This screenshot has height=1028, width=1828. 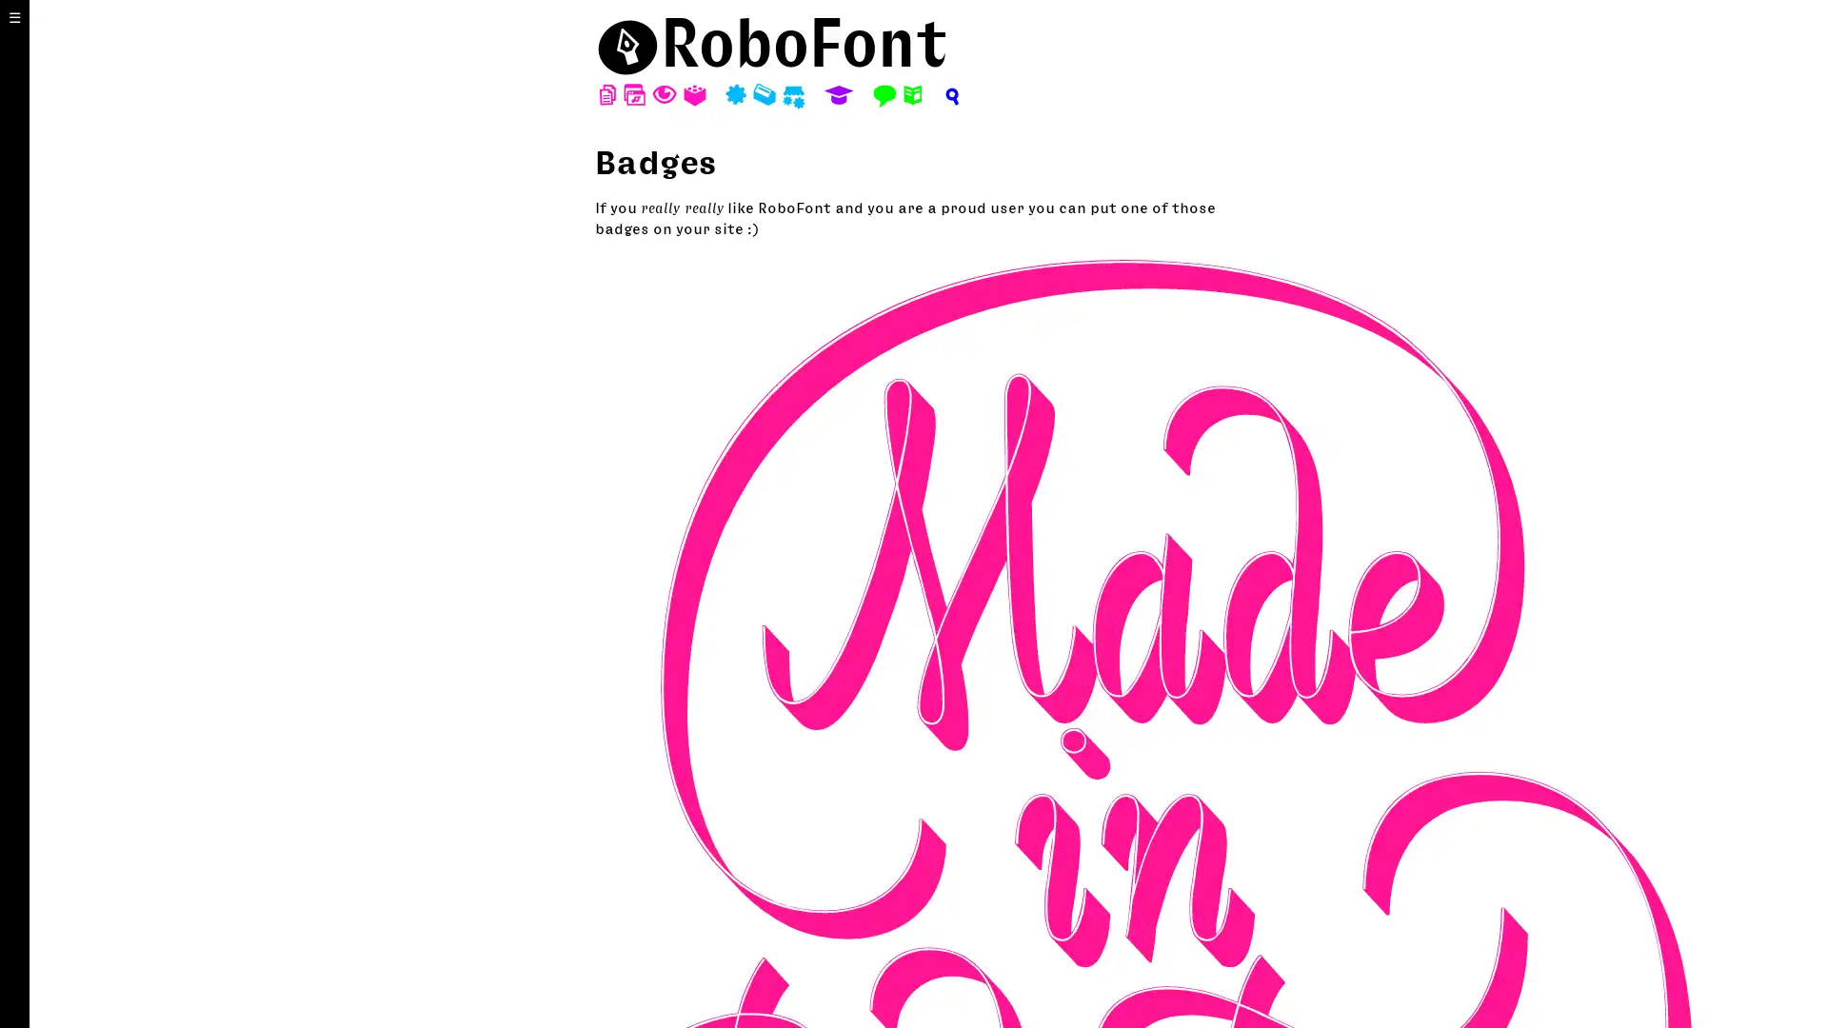 What do you see at coordinates (950, 95) in the screenshot?
I see `?` at bounding box center [950, 95].